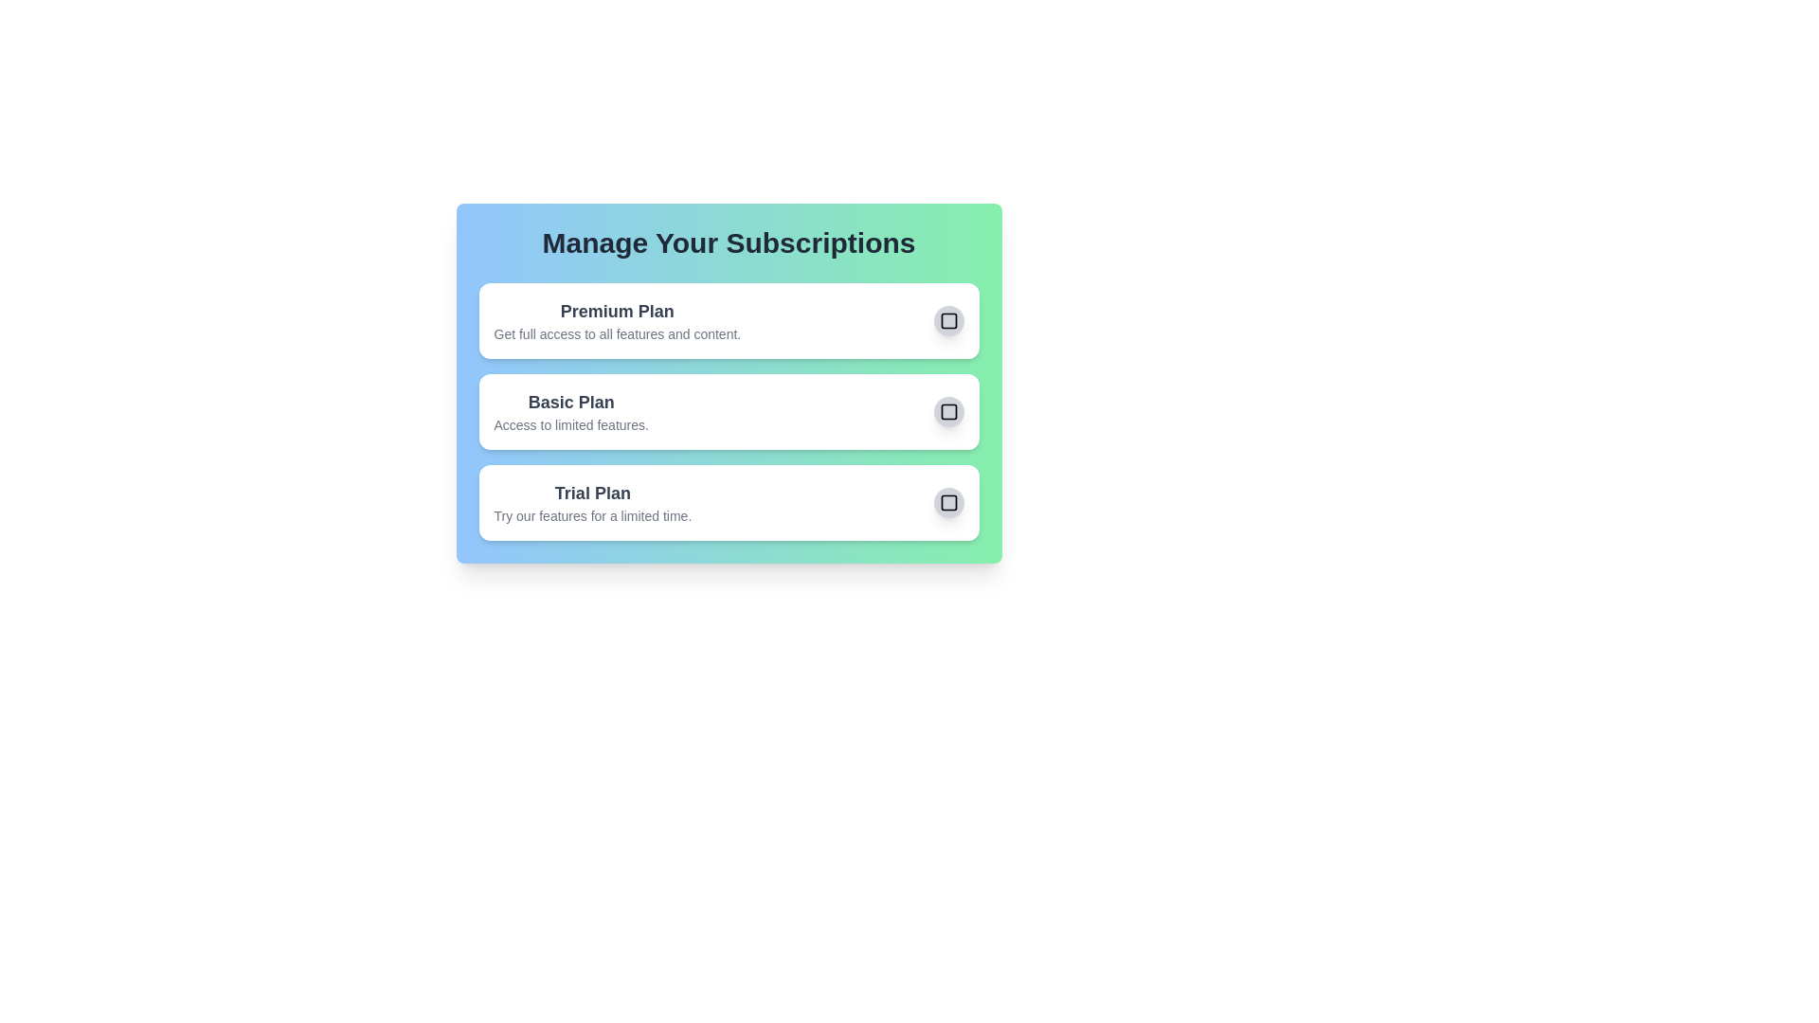 The image size is (1819, 1023). I want to click on the square-shaped SVG graphic with rounded corners located in the 'Basic Plan' subscription entry to interact with it, so click(948, 411).